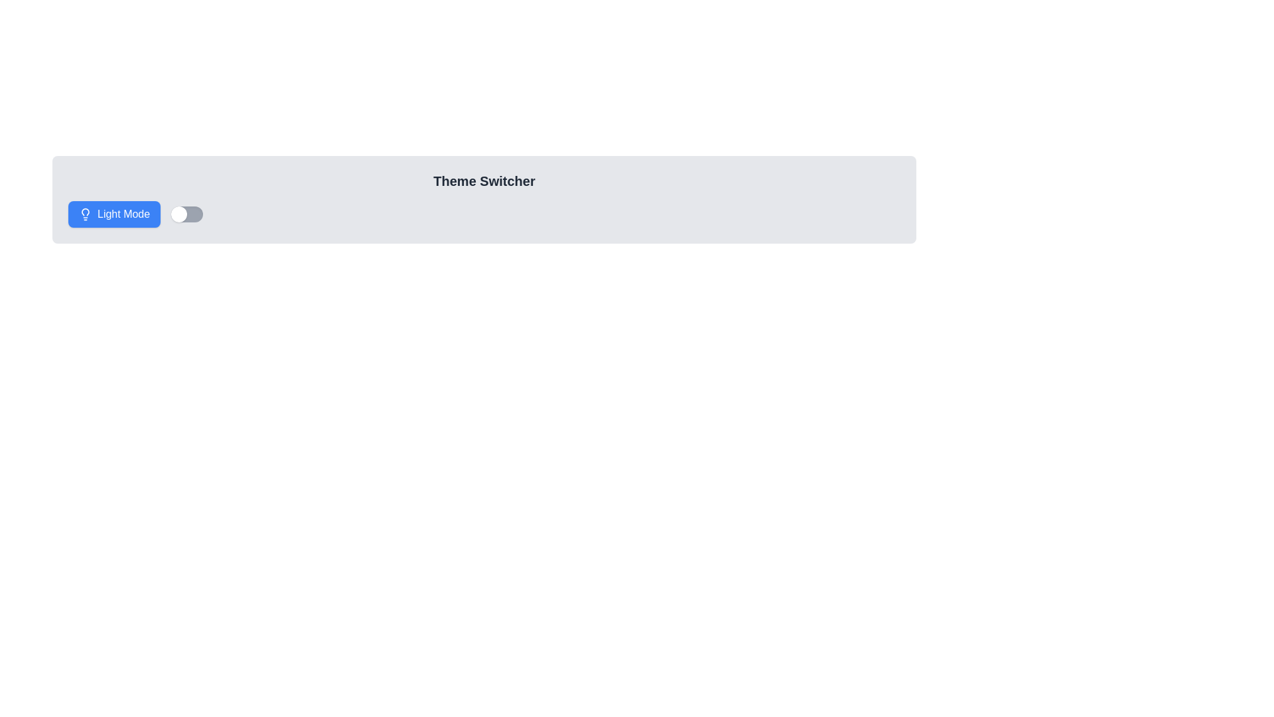 Image resolution: width=1274 pixels, height=717 pixels. I want to click on the Toggle switch, which is a horizontally elongated oval switch with a gray base and a white circular knob on the left side, located to the right of the 'Light Mode' button in the top-left section of the interface, so click(186, 214).